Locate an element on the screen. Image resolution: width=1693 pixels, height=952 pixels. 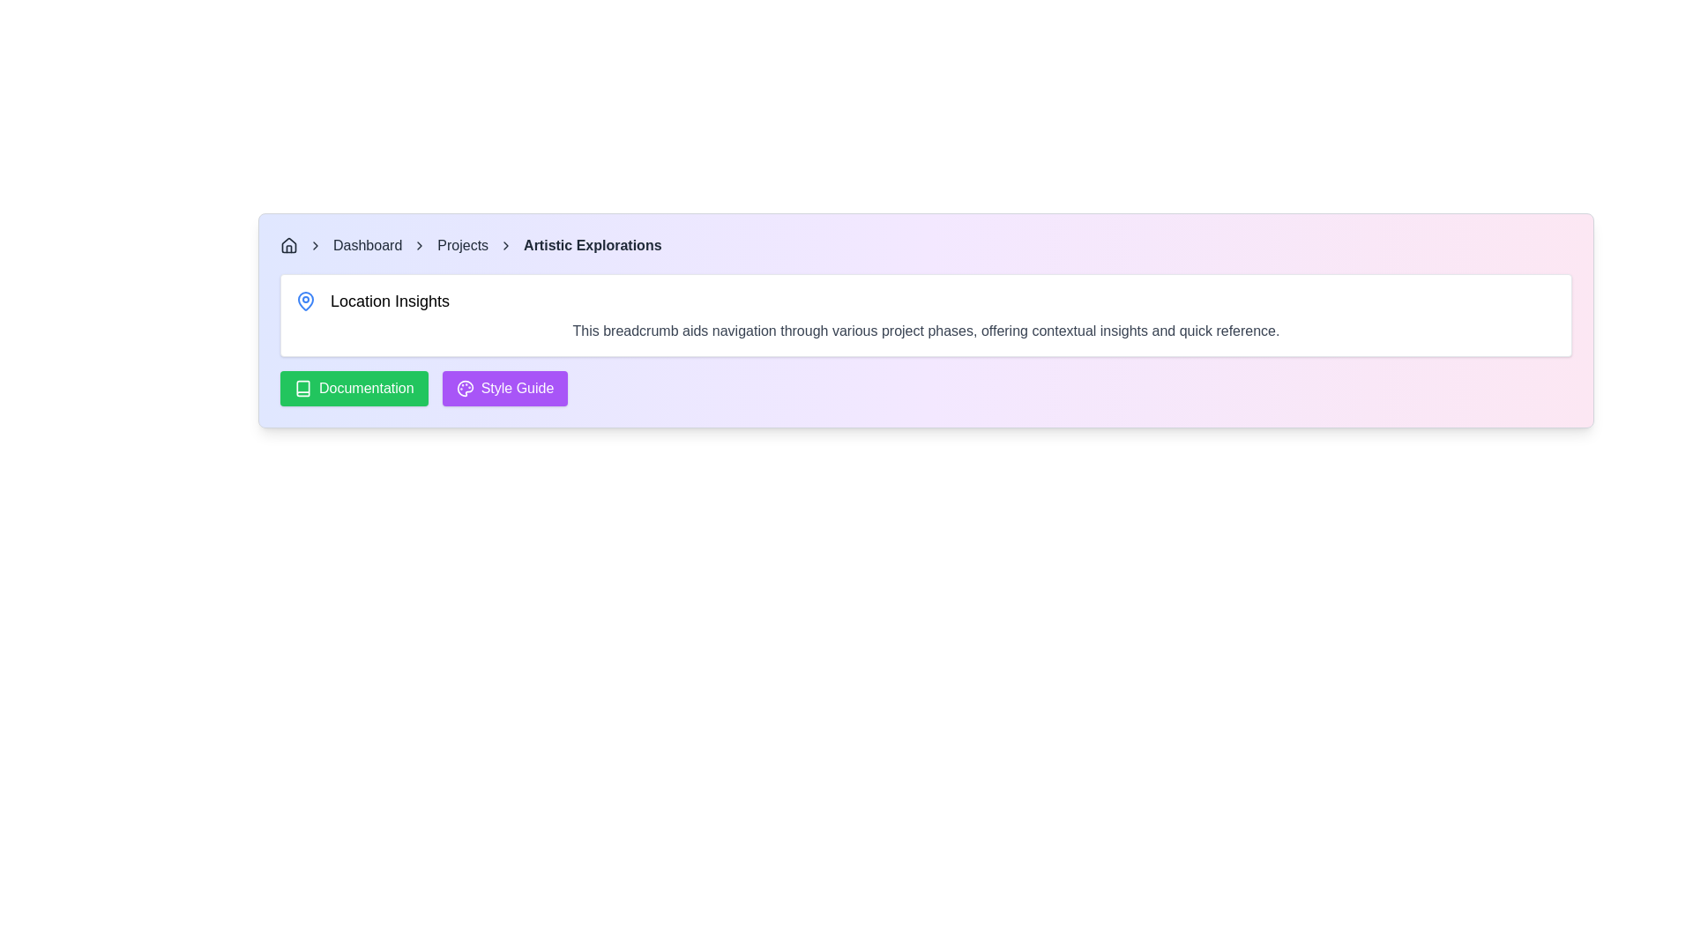
the home icon located in the breadcrumb navigation bar at the top left of the interface is located at coordinates (288, 244).